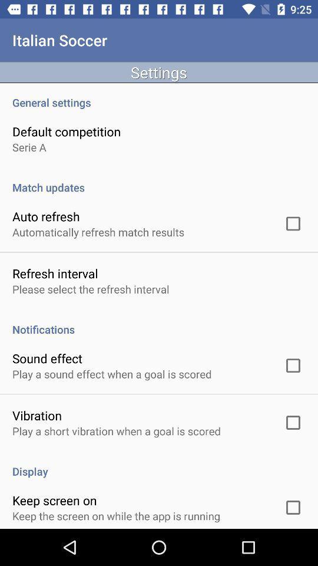 The height and width of the screenshot is (566, 318). I want to click on the item below the match updates app, so click(45, 216).